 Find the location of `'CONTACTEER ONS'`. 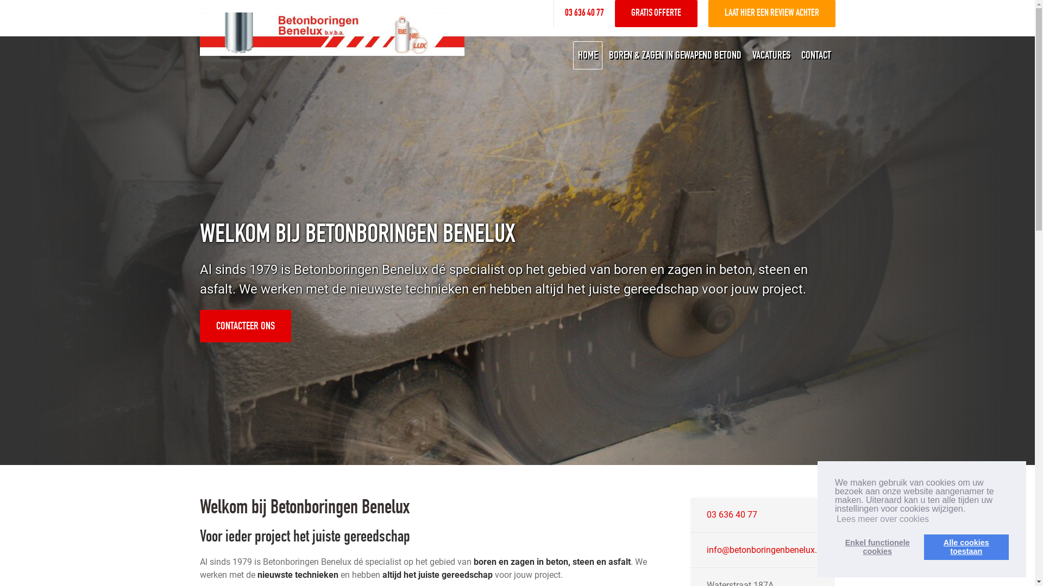

'CONTACTEER ONS' is located at coordinates (244, 326).